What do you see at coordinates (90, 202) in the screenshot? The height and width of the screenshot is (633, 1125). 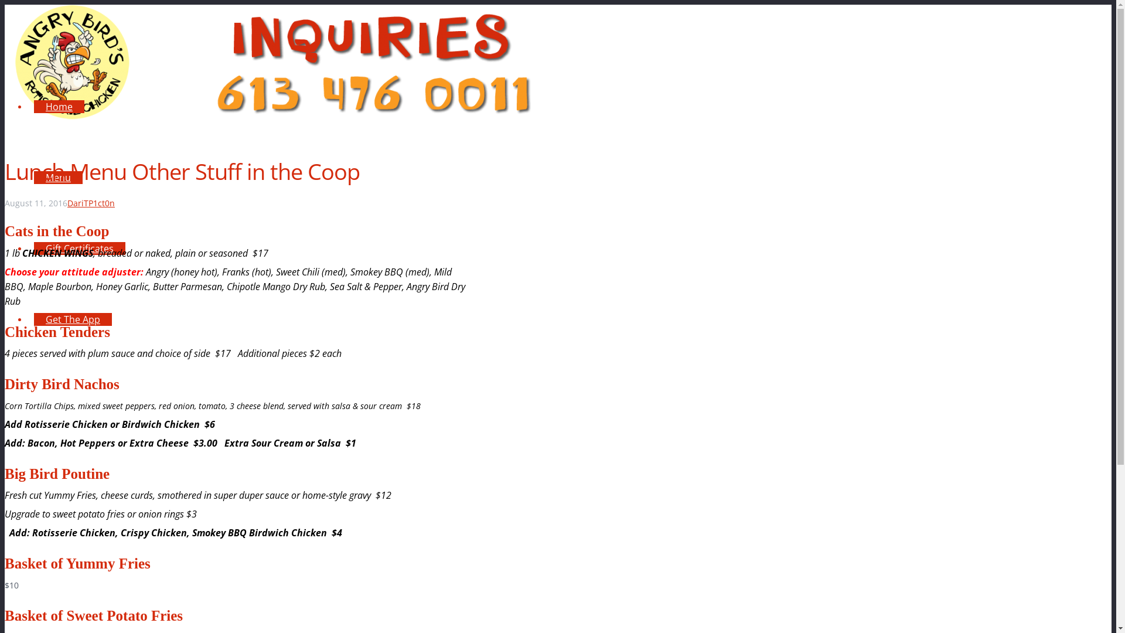 I see `'DariTP1ct0n'` at bounding box center [90, 202].